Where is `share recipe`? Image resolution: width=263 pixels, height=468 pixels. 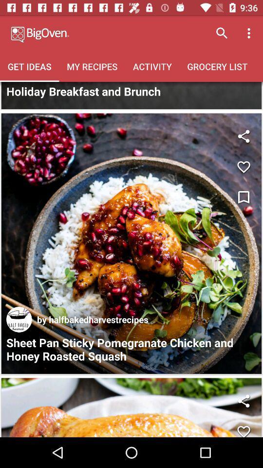
share recipe is located at coordinates (243, 401).